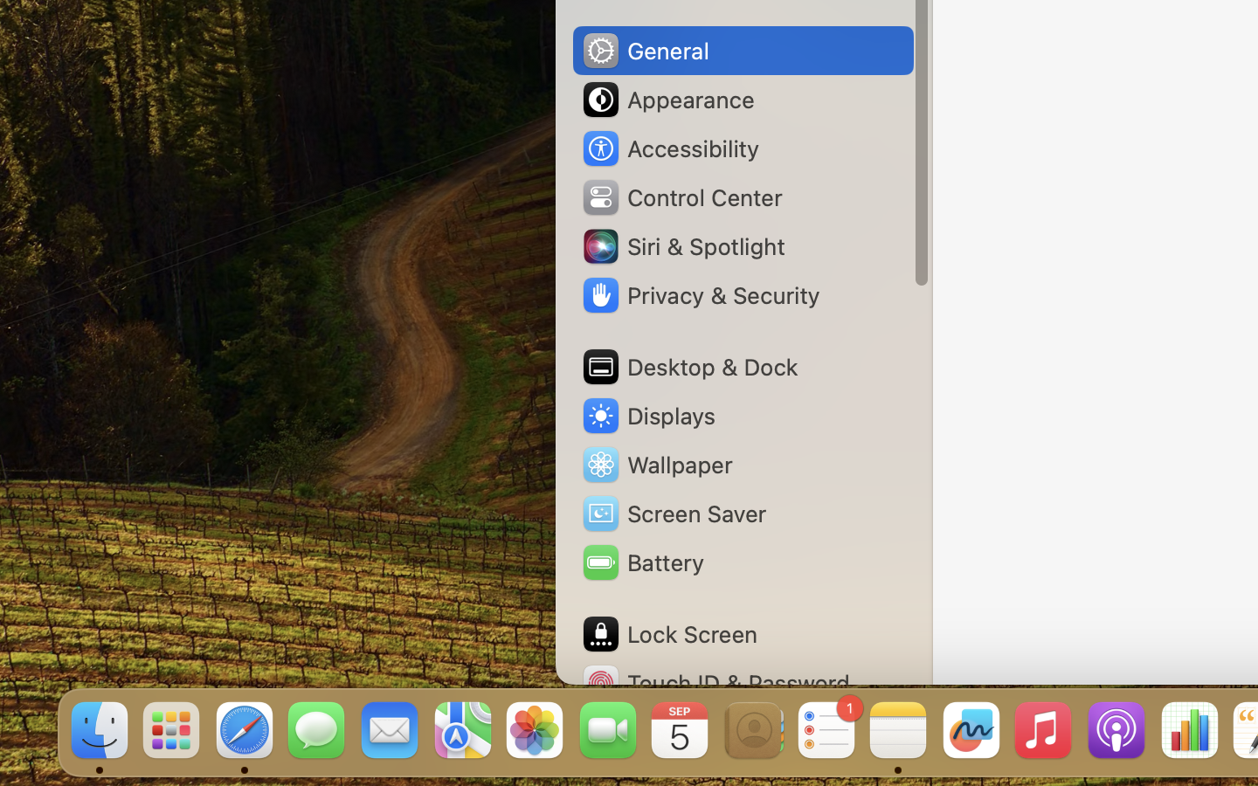 The image size is (1258, 786). I want to click on 'Lock Screen', so click(667, 633).